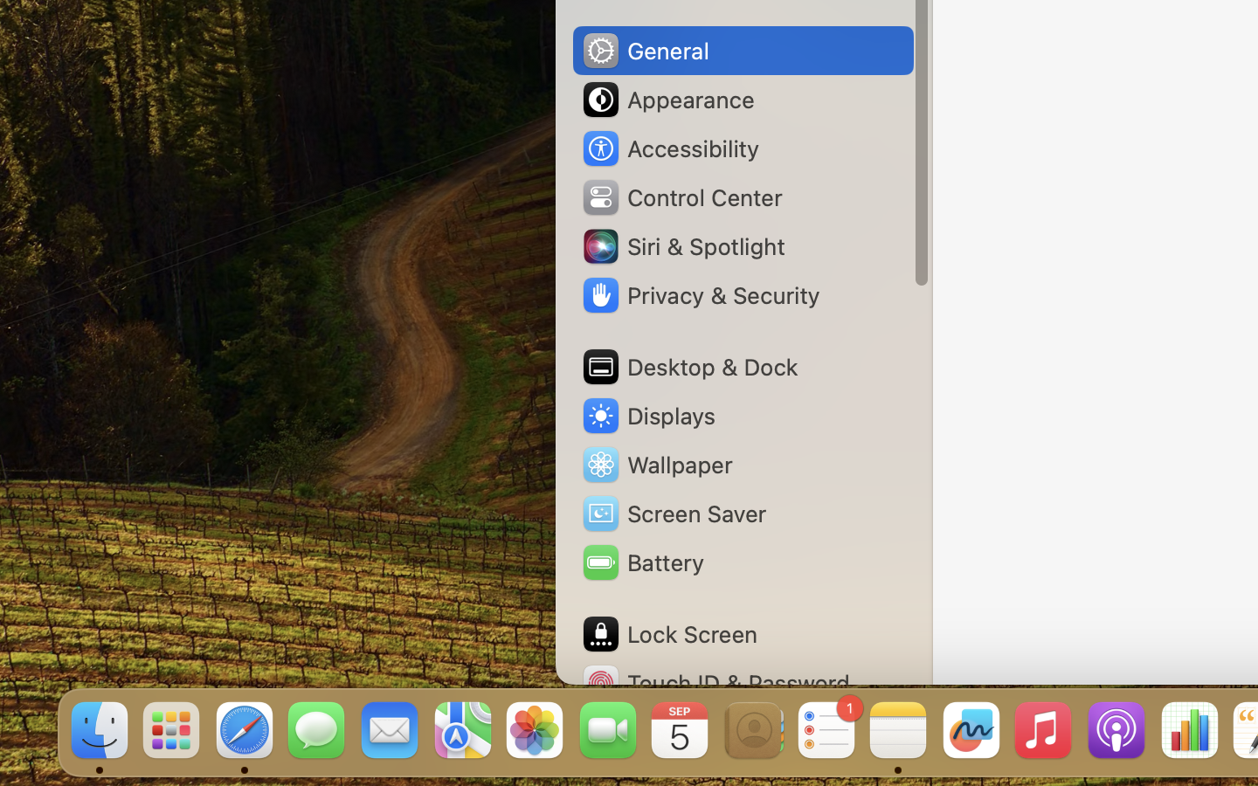 The image size is (1258, 786). I want to click on 'Lock Screen', so click(667, 633).